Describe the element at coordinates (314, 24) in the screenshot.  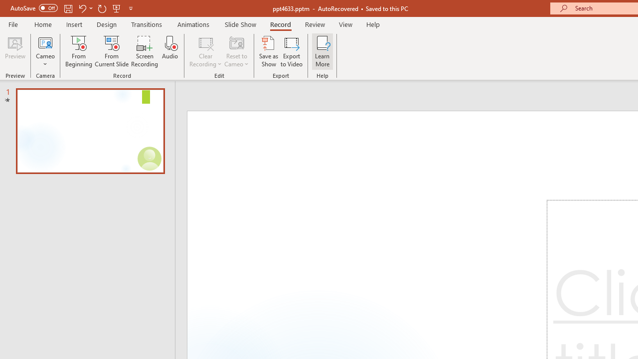
I see `'Review'` at that location.